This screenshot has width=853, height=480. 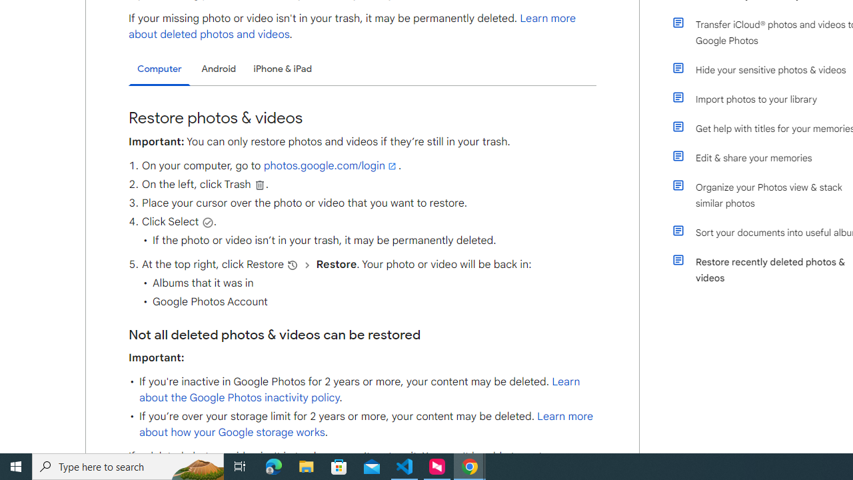 What do you see at coordinates (282, 69) in the screenshot?
I see `'iPhone & iPad'` at bounding box center [282, 69].